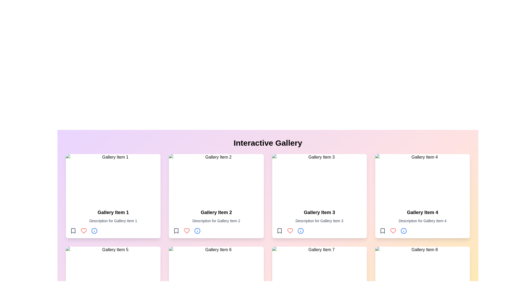 Image resolution: width=506 pixels, height=284 pixels. I want to click on the image placeholder graphic labeled 'Image 3' in the third card of the gallery layout, so click(319, 179).